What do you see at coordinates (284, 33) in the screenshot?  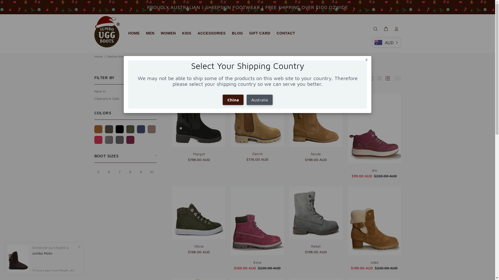 I see `'CONTACT'` at bounding box center [284, 33].